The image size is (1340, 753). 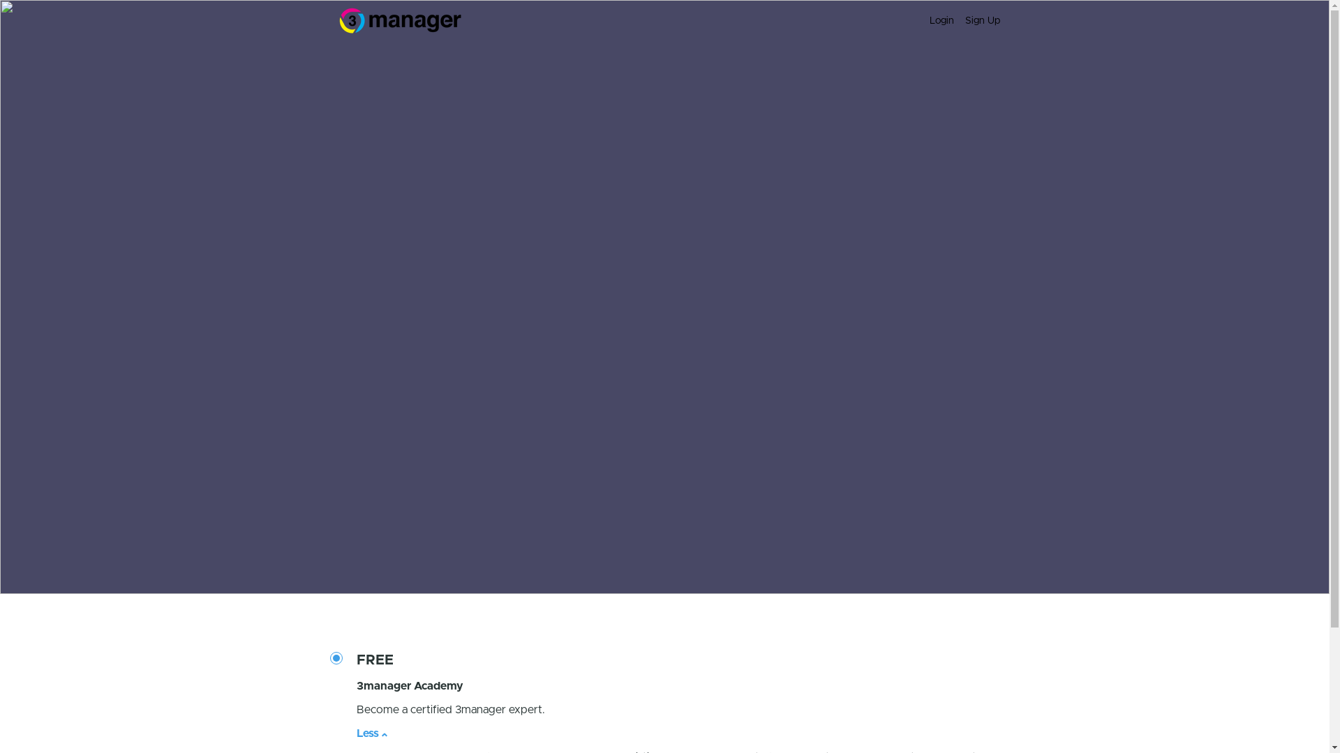 What do you see at coordinates (941, 21) in the screenshot?
I see `'Login'` at bounding box center [941, 21].